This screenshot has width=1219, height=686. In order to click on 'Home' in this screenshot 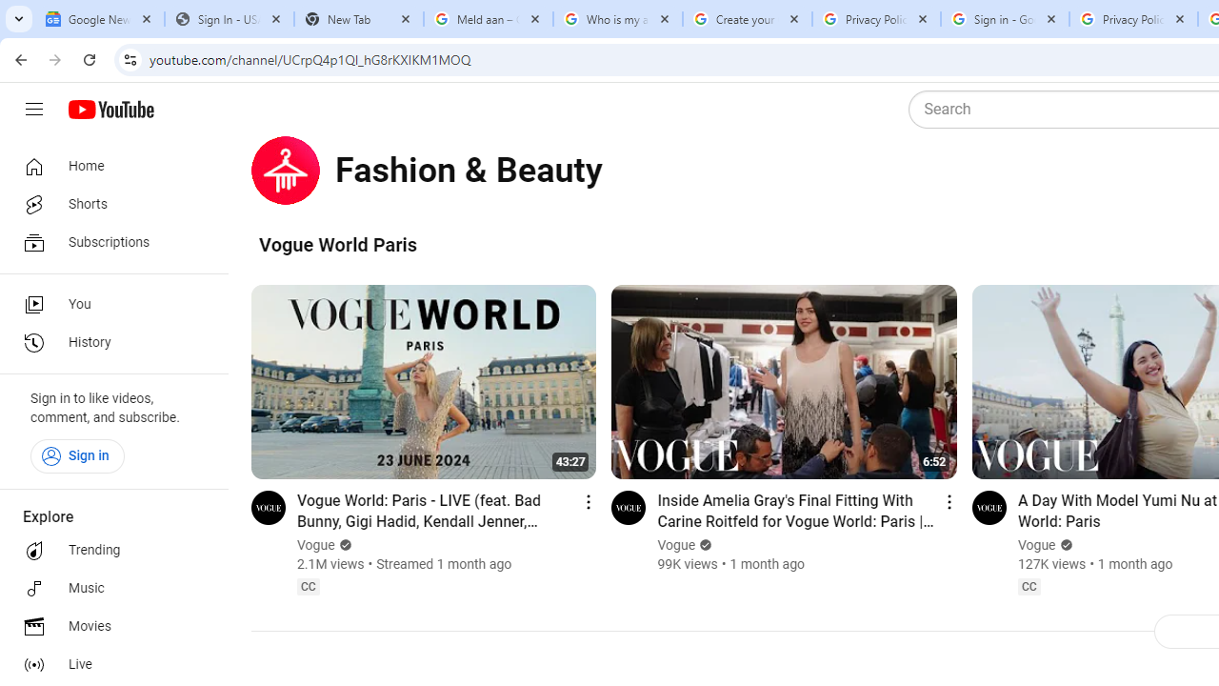, I will do `click(107, 165)`.